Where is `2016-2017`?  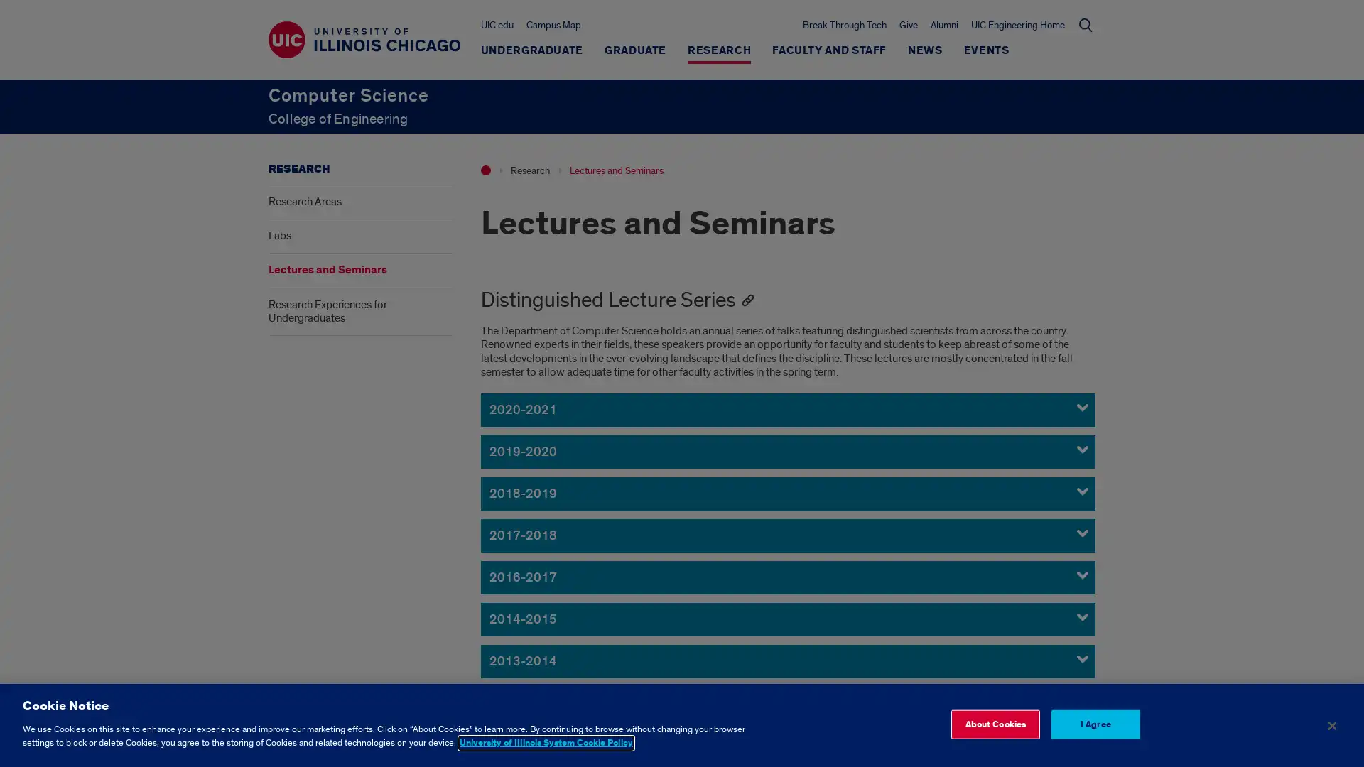 2016-2017 is located at coordinates (786, 577).